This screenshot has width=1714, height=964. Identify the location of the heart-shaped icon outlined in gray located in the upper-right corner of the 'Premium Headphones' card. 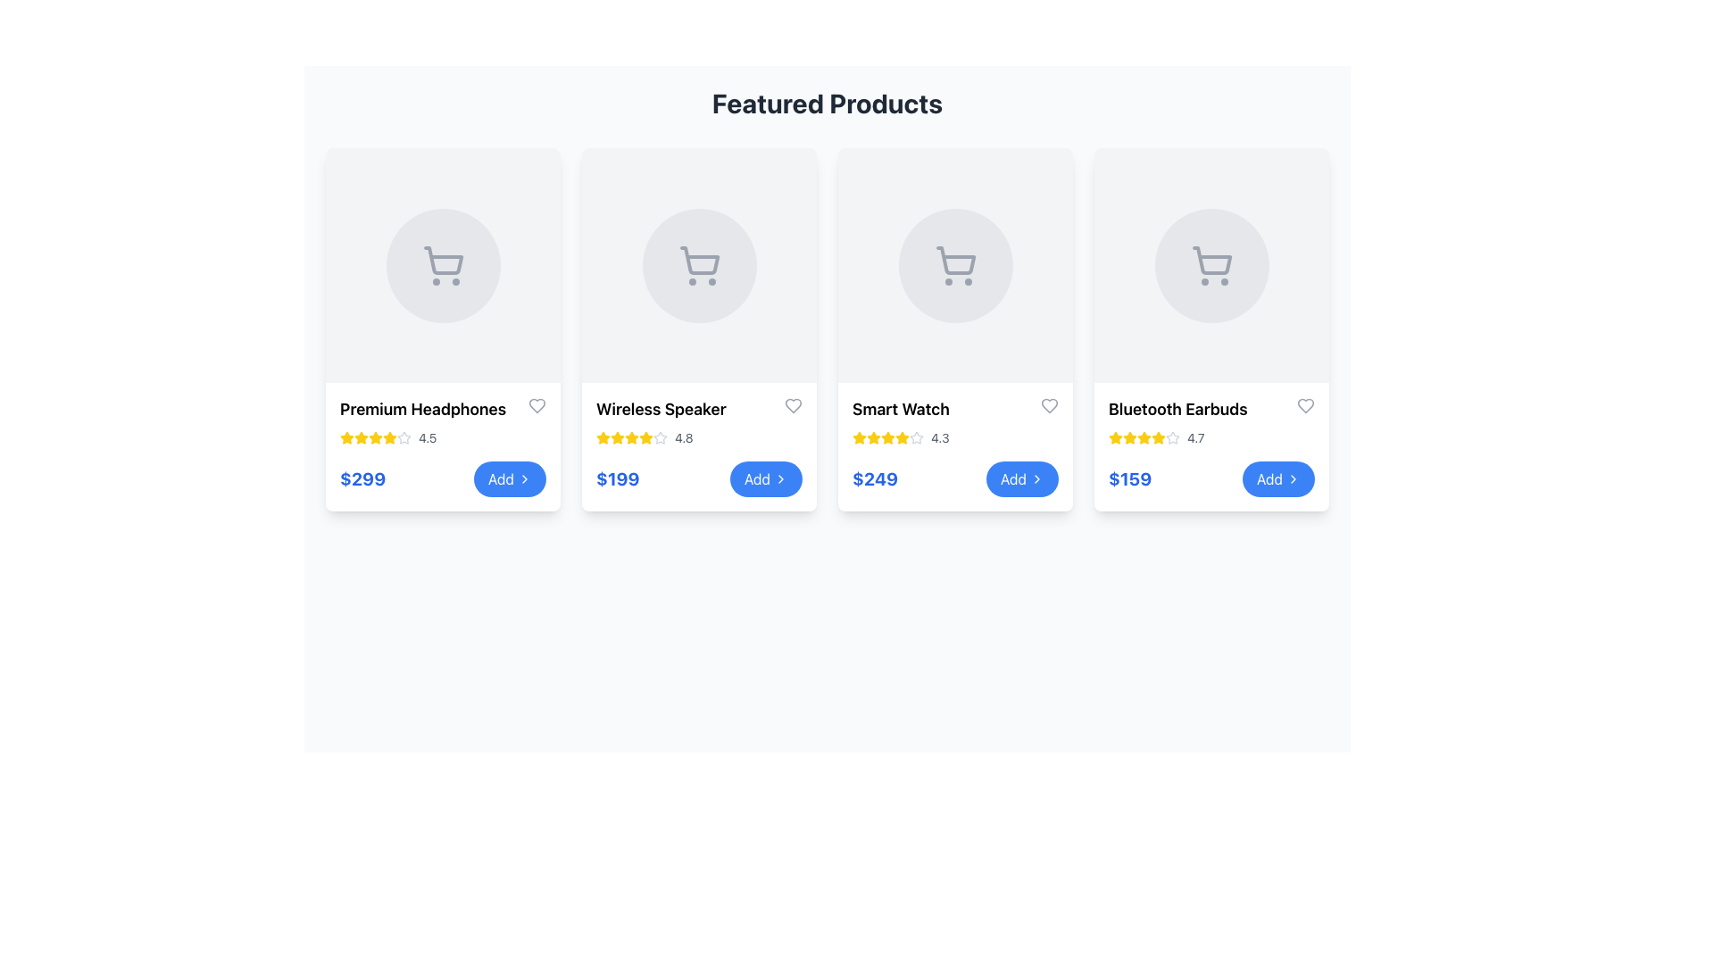
(536, 406).